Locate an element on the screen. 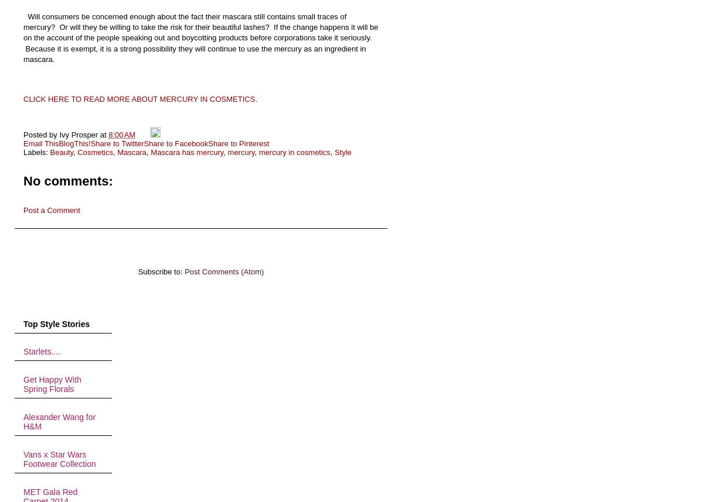  'at' is located at coordinates (104, 133).